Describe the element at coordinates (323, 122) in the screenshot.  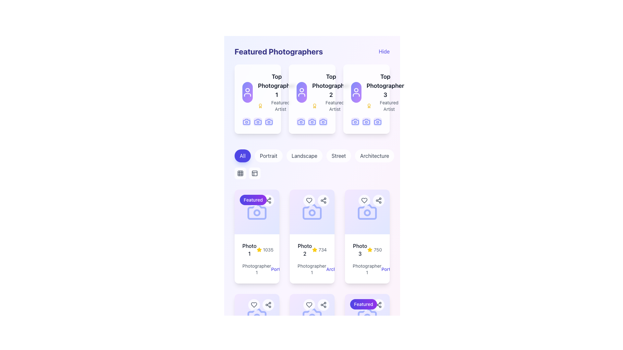
I see `the square icon with rounded corners displaying a gradient camera graphic, located in the third column of a three-column grid layout, just below the photographer's name` at that location.